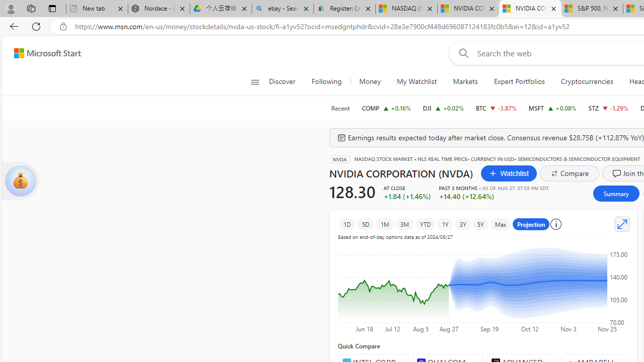 The width and height of the screenshot is (644, 362). Describe the element at coordinates (417, 81) in the screenshot. I see `'My Watchlist'` at that location.